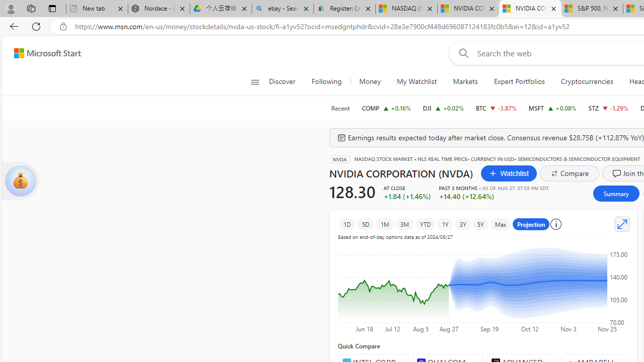 The width and height of the screenshot is (644, 362). Describe the element at coordinates (417, 81) in the screenshot. I see `'My Watchlist'` at that location.